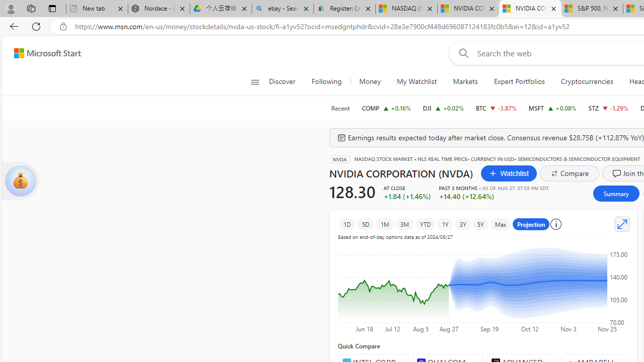 The width and height of the screenshot is (644, 362). Describe the element at coordinates (417, 81) in the screenshot. I see `'My Watchlist'` at that location.